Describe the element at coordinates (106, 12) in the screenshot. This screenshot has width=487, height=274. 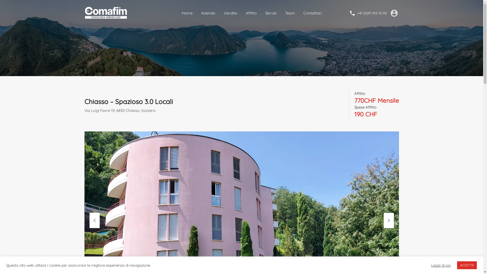
I see `'Comafim SA'` at that location.